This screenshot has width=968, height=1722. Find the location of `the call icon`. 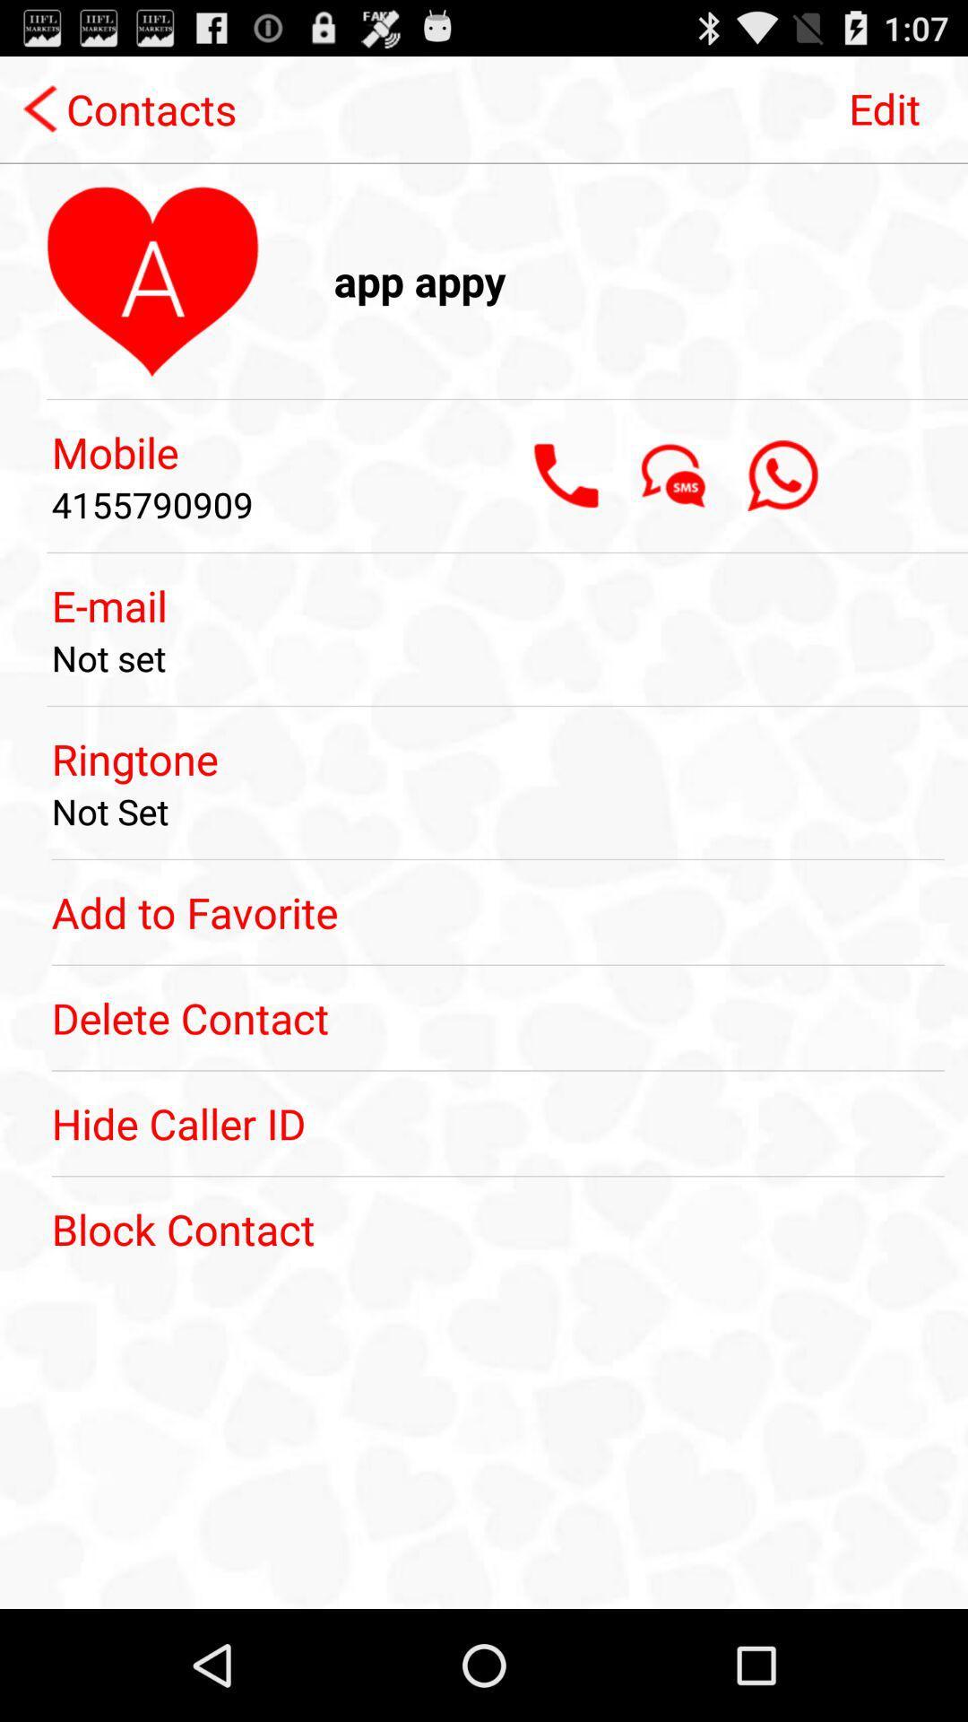

the call icon is located at coordinates (566, 508).